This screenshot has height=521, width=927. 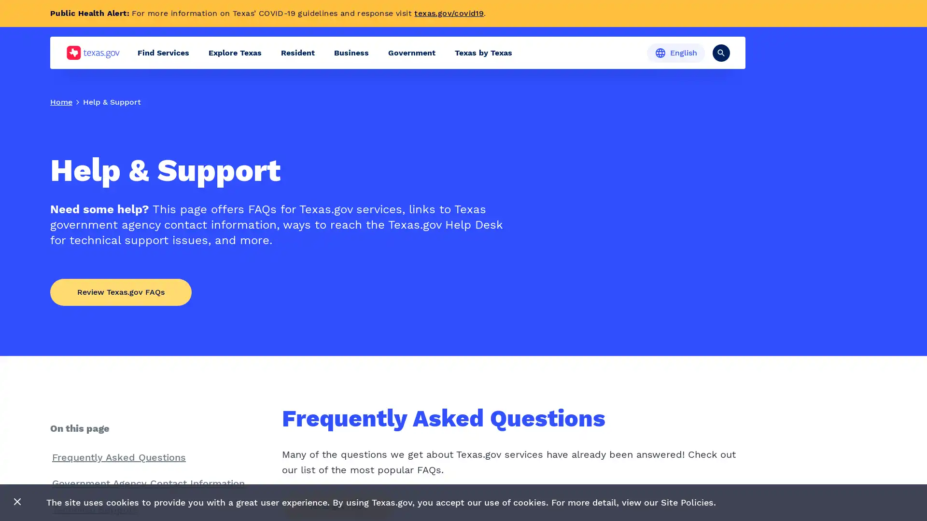 I want to click on Resident, so click(x=297, y=53).